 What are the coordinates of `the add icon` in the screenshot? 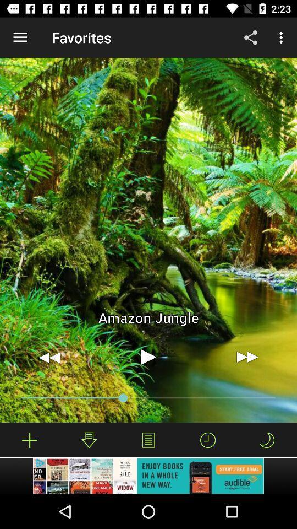 It's located at (30, 440).